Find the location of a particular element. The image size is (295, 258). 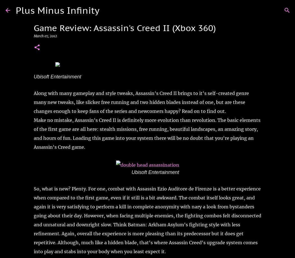

'third person shooter' is located at coordinates (110, 70).